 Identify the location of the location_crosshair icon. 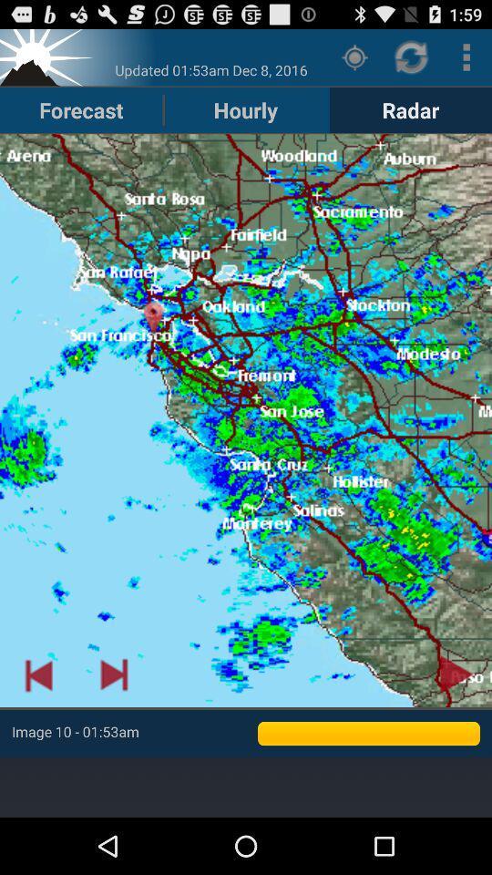
(354, 61).